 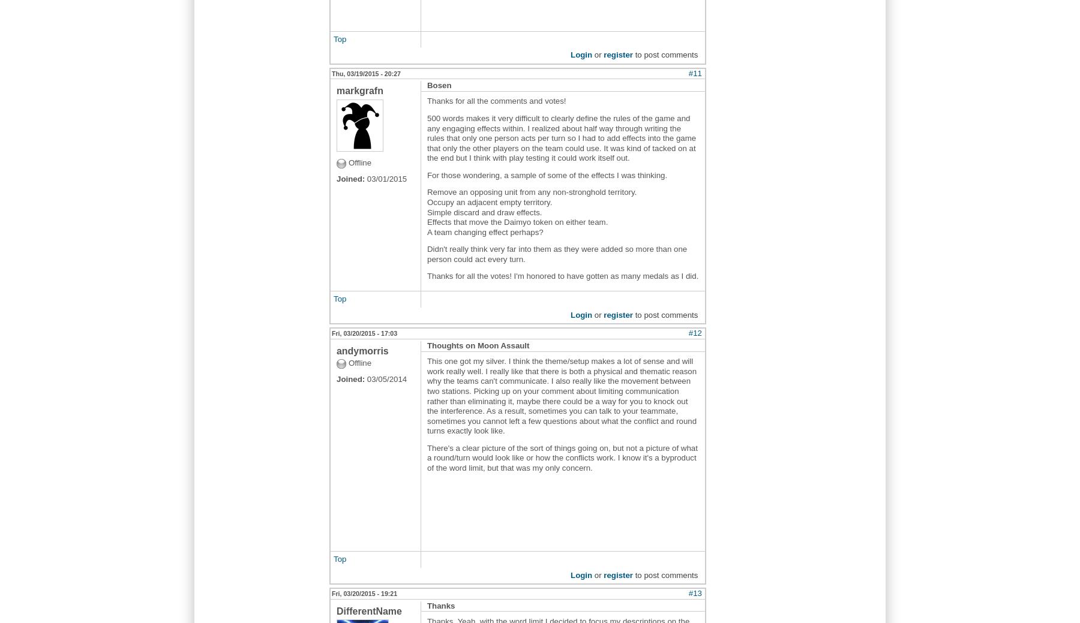 What do you see at coordinates (532, 192) in the screenshot?
I see `'Remove an opposing unit from any non-stronghold territory.'` at bounding box center [532, 192].